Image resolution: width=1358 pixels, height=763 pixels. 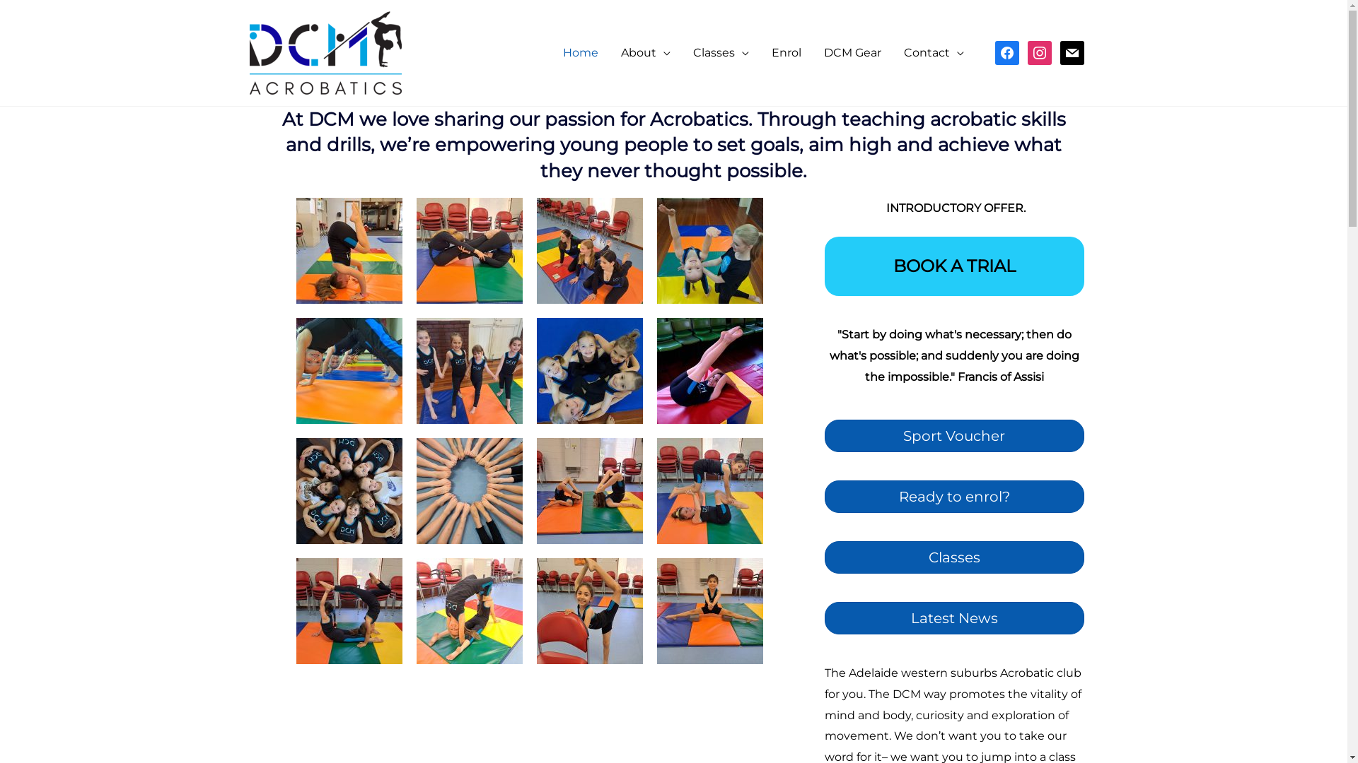 I want to click on 'Contact', so click(x=934, y=52).